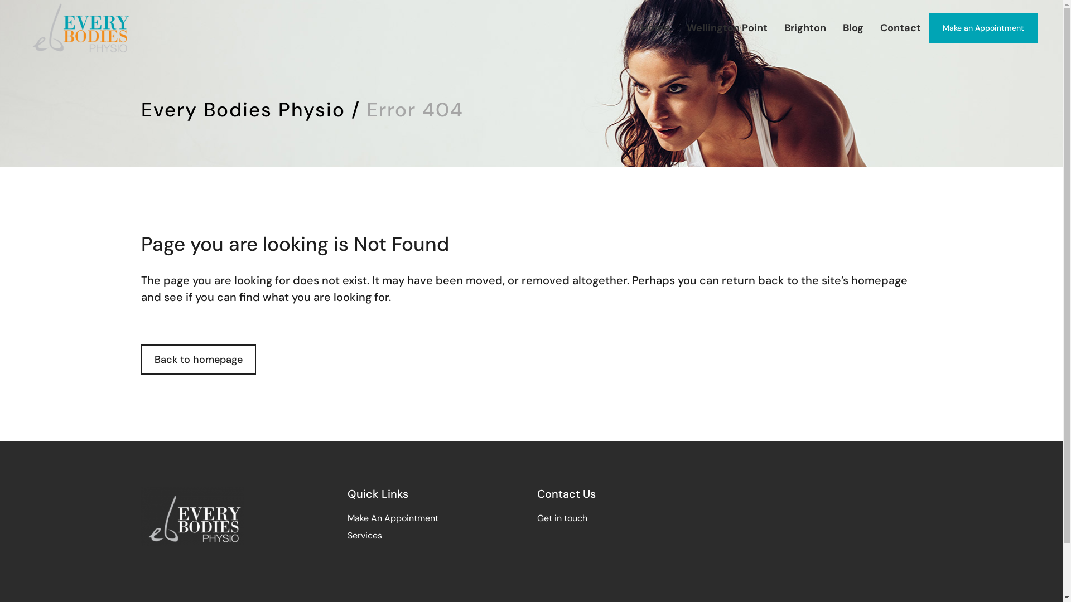  What do you see at coordinates (364, 535) in the screenshot?
I see `'Services'` at bounding box center [364, 535].